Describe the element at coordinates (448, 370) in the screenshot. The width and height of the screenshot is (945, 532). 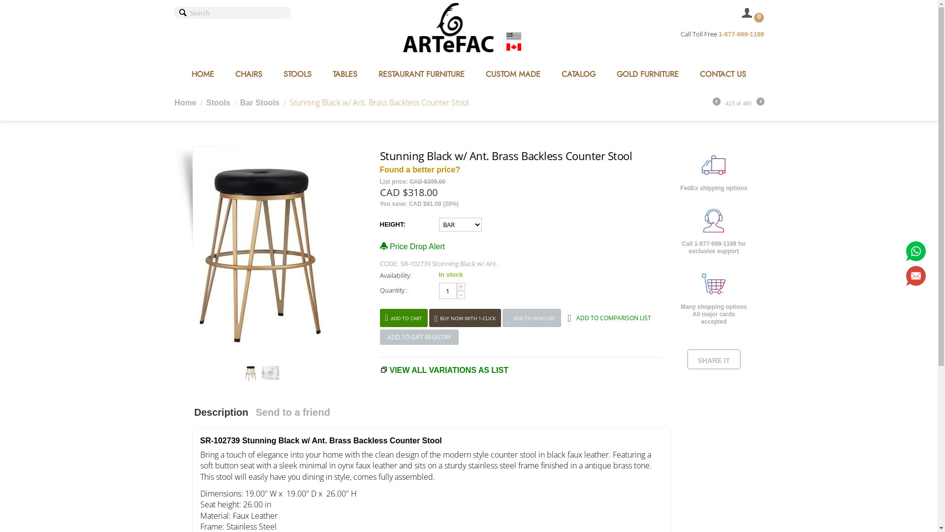
I see `'VIEW ALL VARIATIONS AS LIST'` at that location.